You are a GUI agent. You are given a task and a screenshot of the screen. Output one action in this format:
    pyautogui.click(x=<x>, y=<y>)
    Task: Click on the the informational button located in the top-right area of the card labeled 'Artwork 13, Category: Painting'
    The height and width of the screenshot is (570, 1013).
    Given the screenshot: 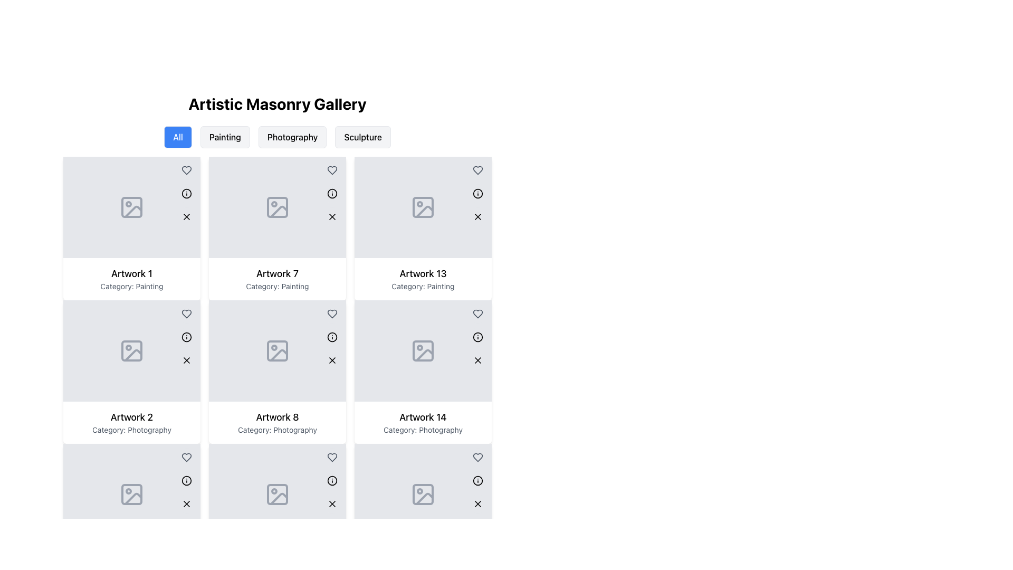 What is the action you would take?
    pyautogui.click(x=477, y=337)
    